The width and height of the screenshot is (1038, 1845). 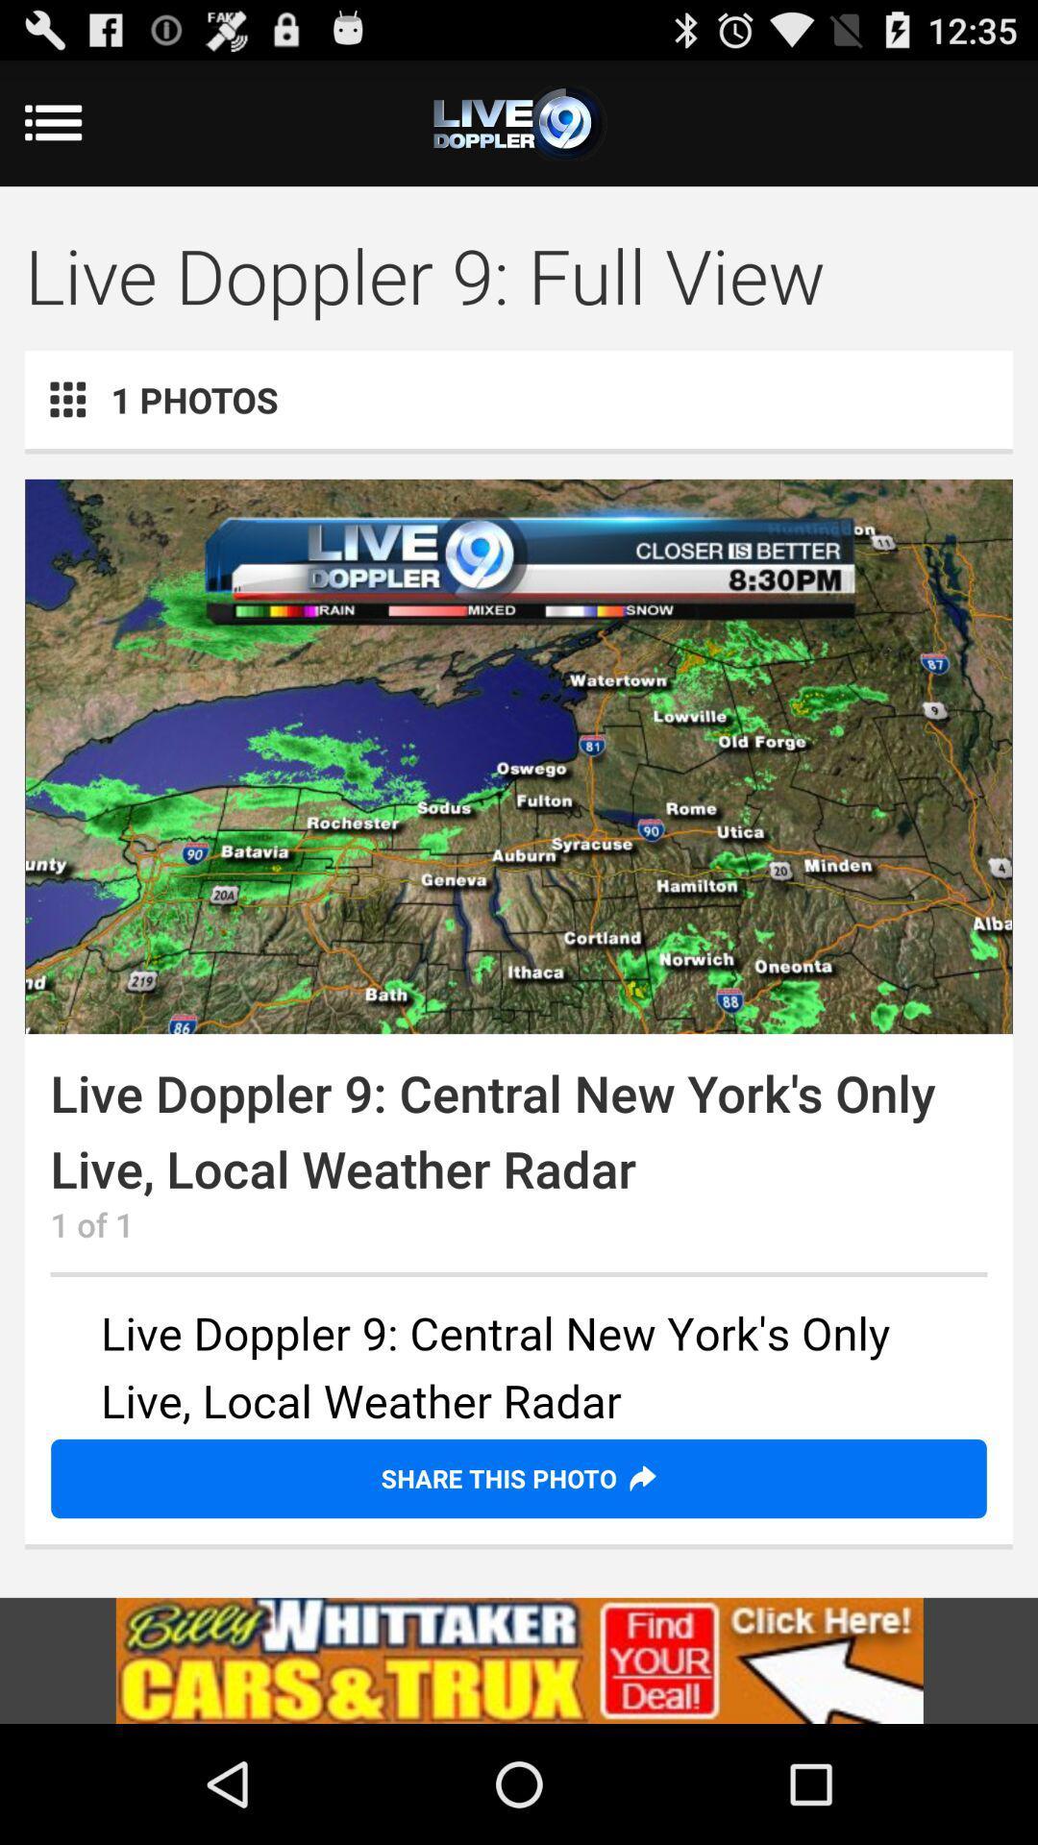 I want to click on advertisement page, so click(x=519, y=1660).